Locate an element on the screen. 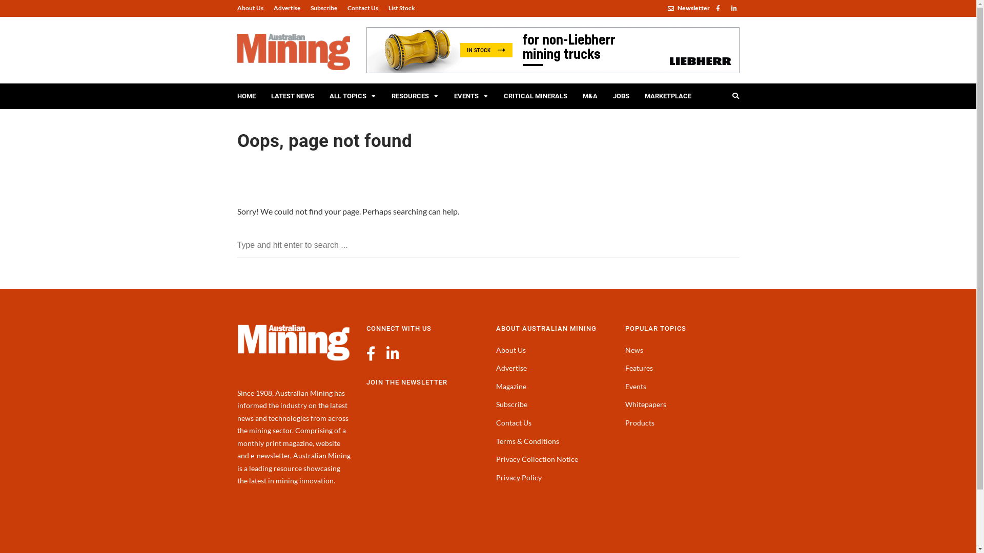 The width and height of the screenshot is (984, 553). 'Privacy Collection Notice' is located at coordinates (536, 458).